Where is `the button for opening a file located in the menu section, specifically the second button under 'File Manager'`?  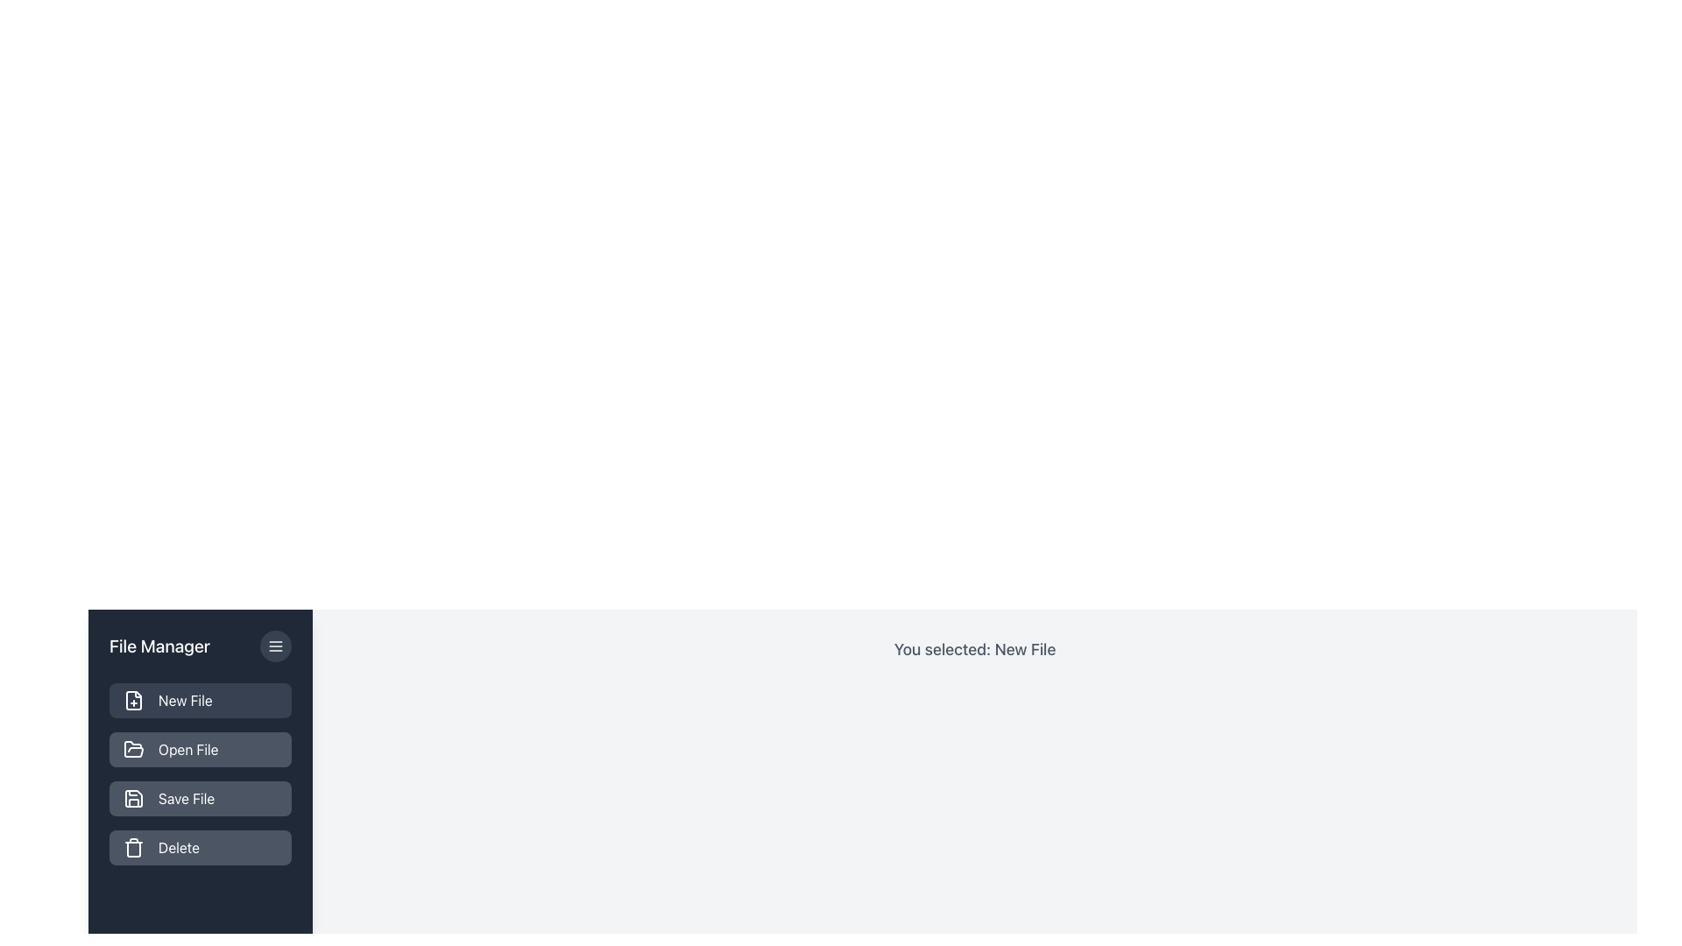 the button for opening a file located in the menu section, specifically the second button under 'File Manager' is located at coordinates (201, 749).